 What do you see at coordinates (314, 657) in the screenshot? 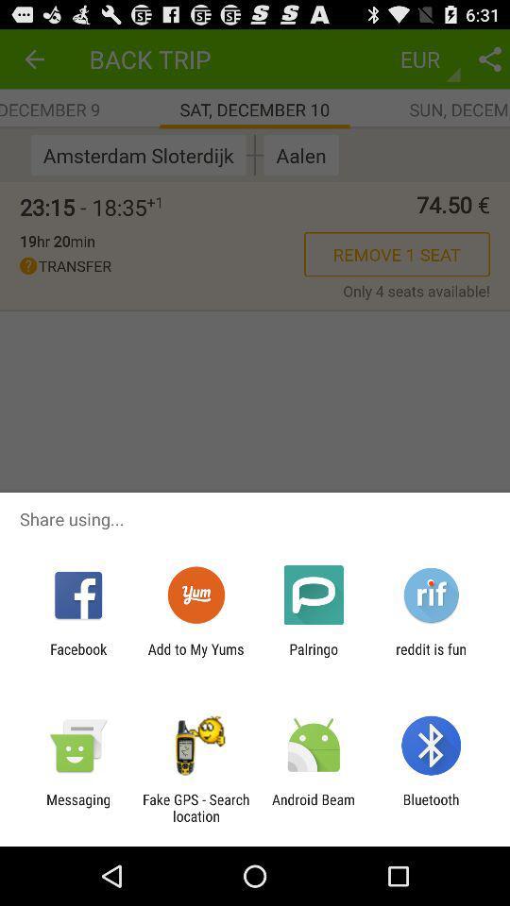
I see `the item to the right of add to my item` at bounding box center [314, 657].